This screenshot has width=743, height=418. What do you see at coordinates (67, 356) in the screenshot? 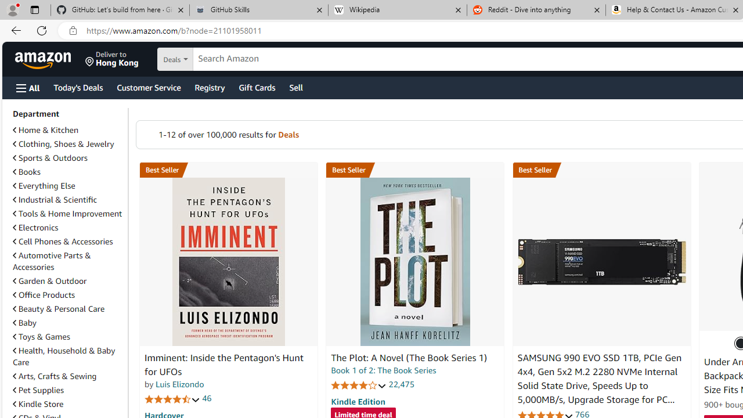
I see `'Health, Household & Baby Care'` at bounding box center [67, 356].